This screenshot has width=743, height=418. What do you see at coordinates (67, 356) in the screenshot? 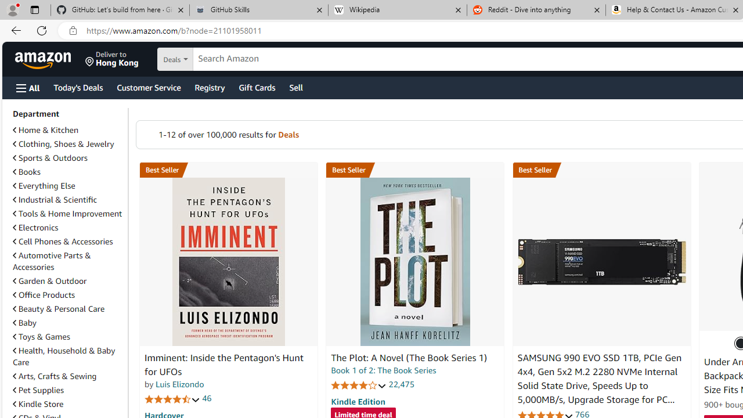
I see `'Health, Household & Baby Care'` at bounding box center [67, 356].